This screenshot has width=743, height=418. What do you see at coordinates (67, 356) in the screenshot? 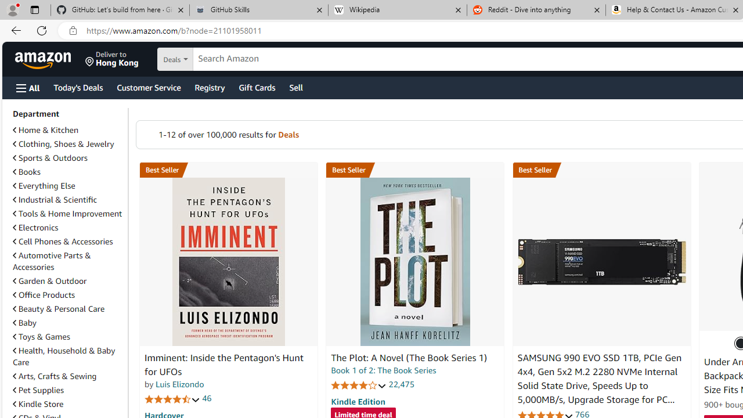
I see `'Health, Household & Baby Care'` at bounding box center [67, 356].